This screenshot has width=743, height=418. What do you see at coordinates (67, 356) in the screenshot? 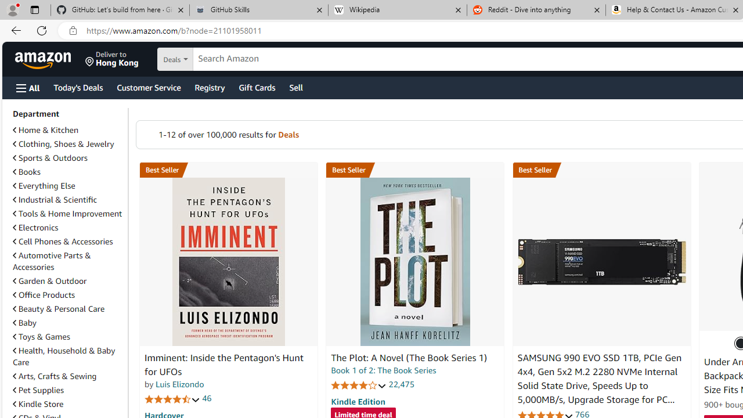
I see `'Health, Household & Baby Care'` at bounding box center [67, 356].